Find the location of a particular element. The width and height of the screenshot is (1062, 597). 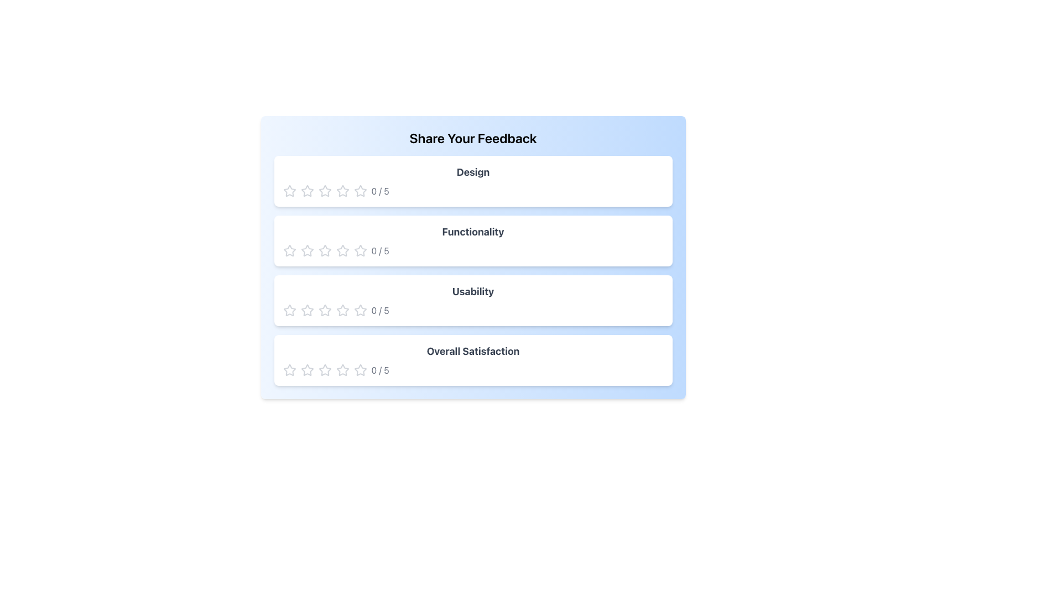

the first star rating icon in the 'Design' section of the 'Share Your Feedback' area is located at coordinates (289, 191).